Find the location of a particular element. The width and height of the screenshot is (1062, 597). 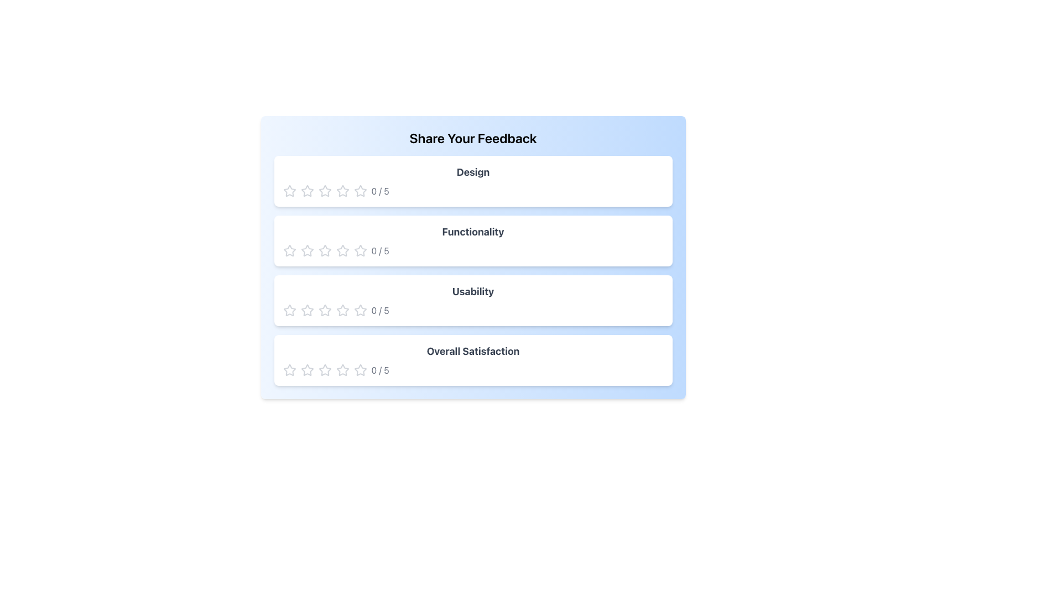

the first star rating icon in the 'Design' section of the 'Share Your Feedback' area is located at coordinates (289, 191).